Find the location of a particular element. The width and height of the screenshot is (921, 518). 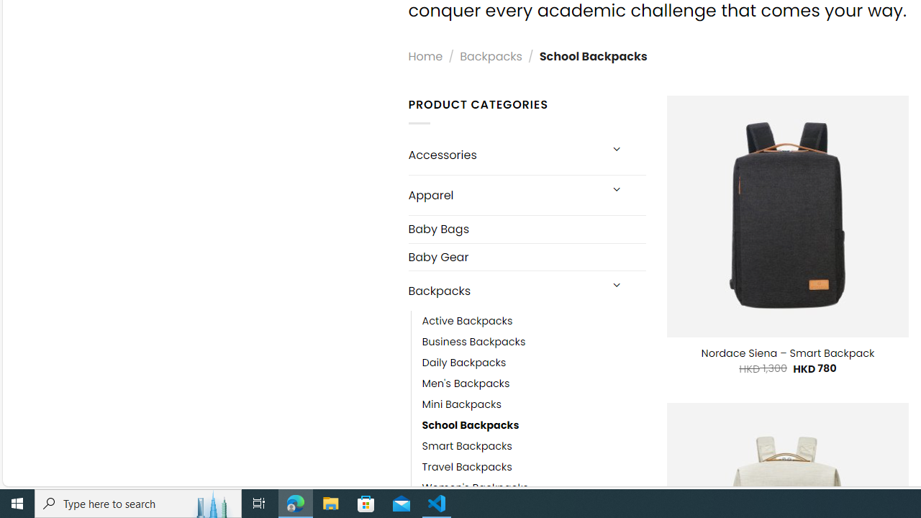

'Women' is located at coordinates (475, 487).